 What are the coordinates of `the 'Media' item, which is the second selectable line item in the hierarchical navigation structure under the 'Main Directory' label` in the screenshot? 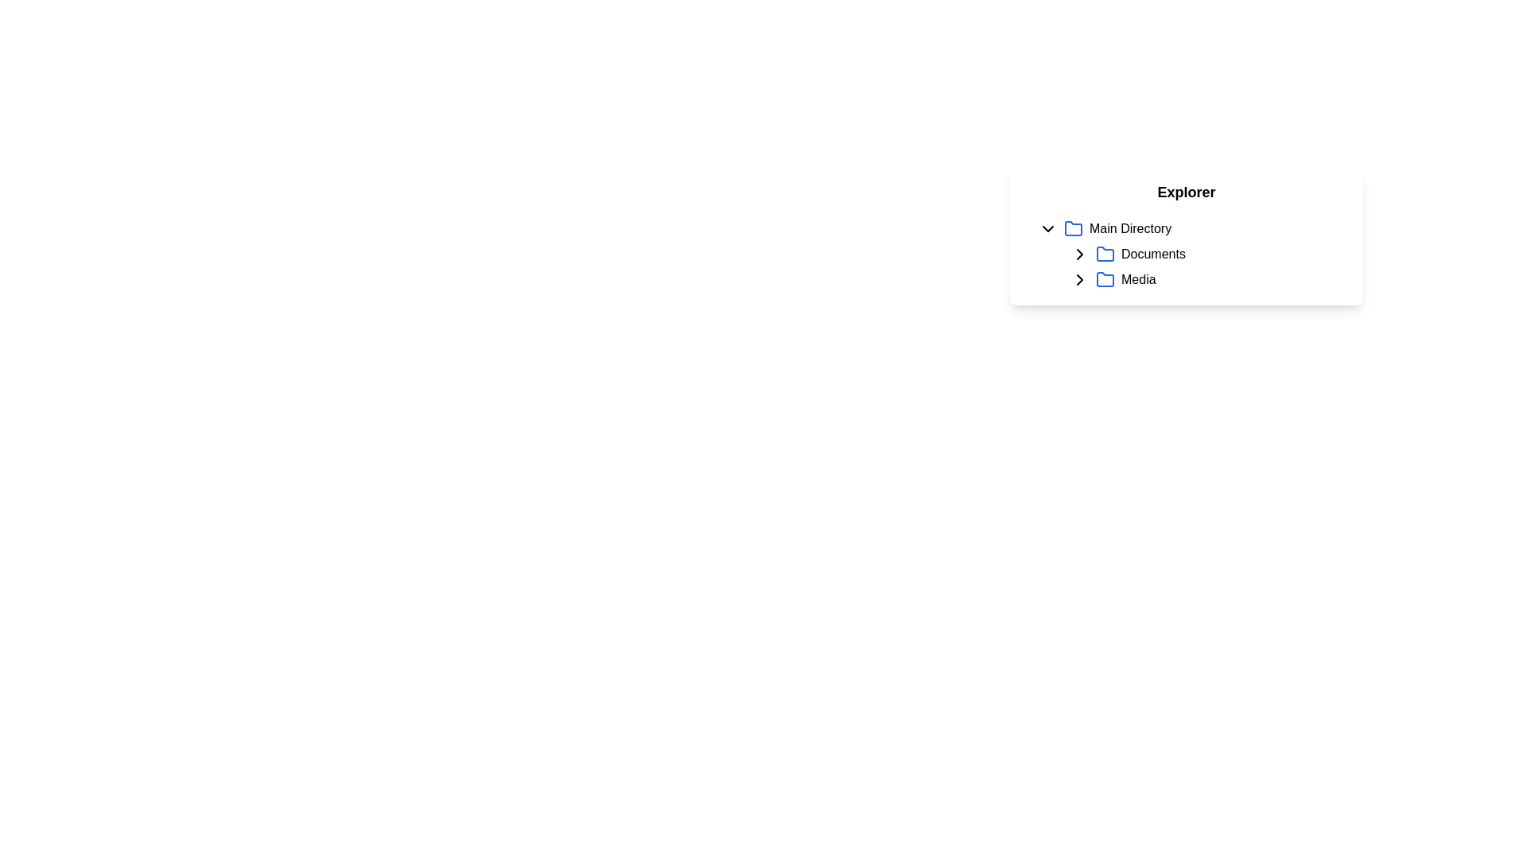 It's located at (1203, 266).